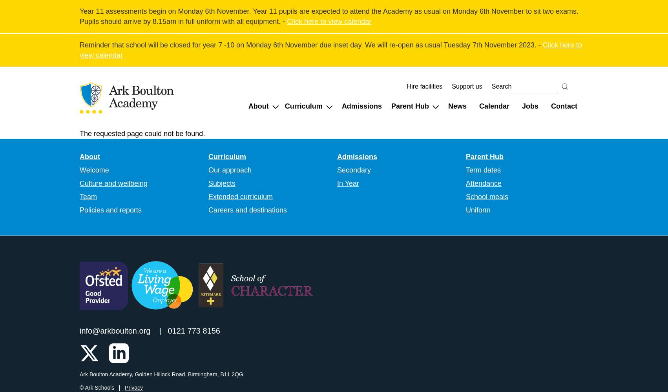 This screenshot has width=668, height=392. I want to click on 'Overview', so click(489, 155).